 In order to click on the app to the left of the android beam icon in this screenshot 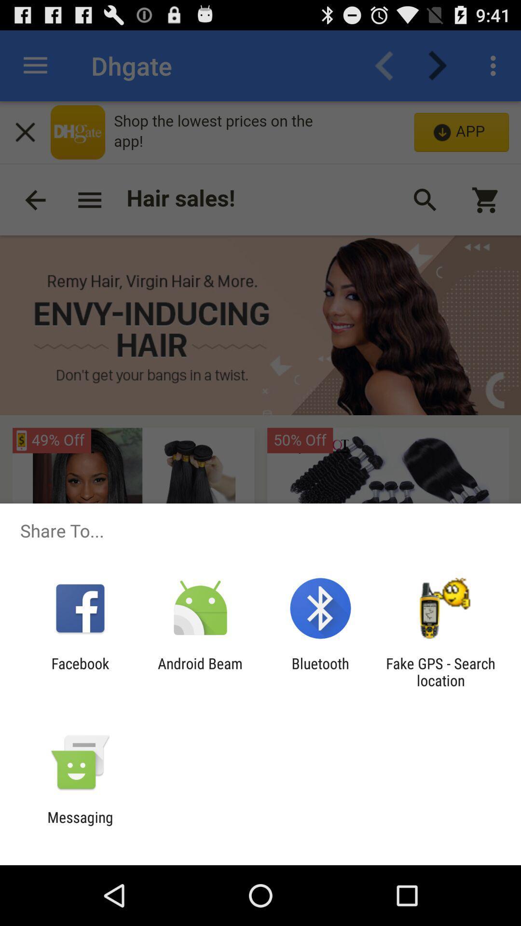, I will do `click(80, 671)`.